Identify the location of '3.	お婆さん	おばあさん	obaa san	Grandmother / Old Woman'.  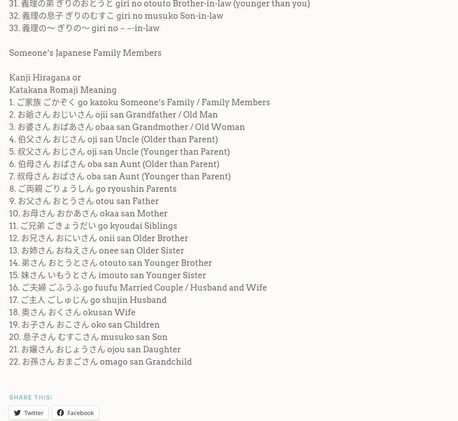
(127, 126).